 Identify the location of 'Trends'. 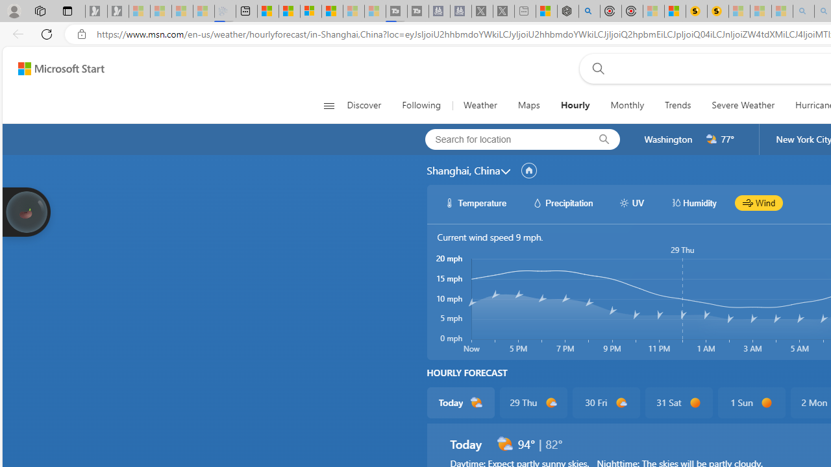
(678, 105).